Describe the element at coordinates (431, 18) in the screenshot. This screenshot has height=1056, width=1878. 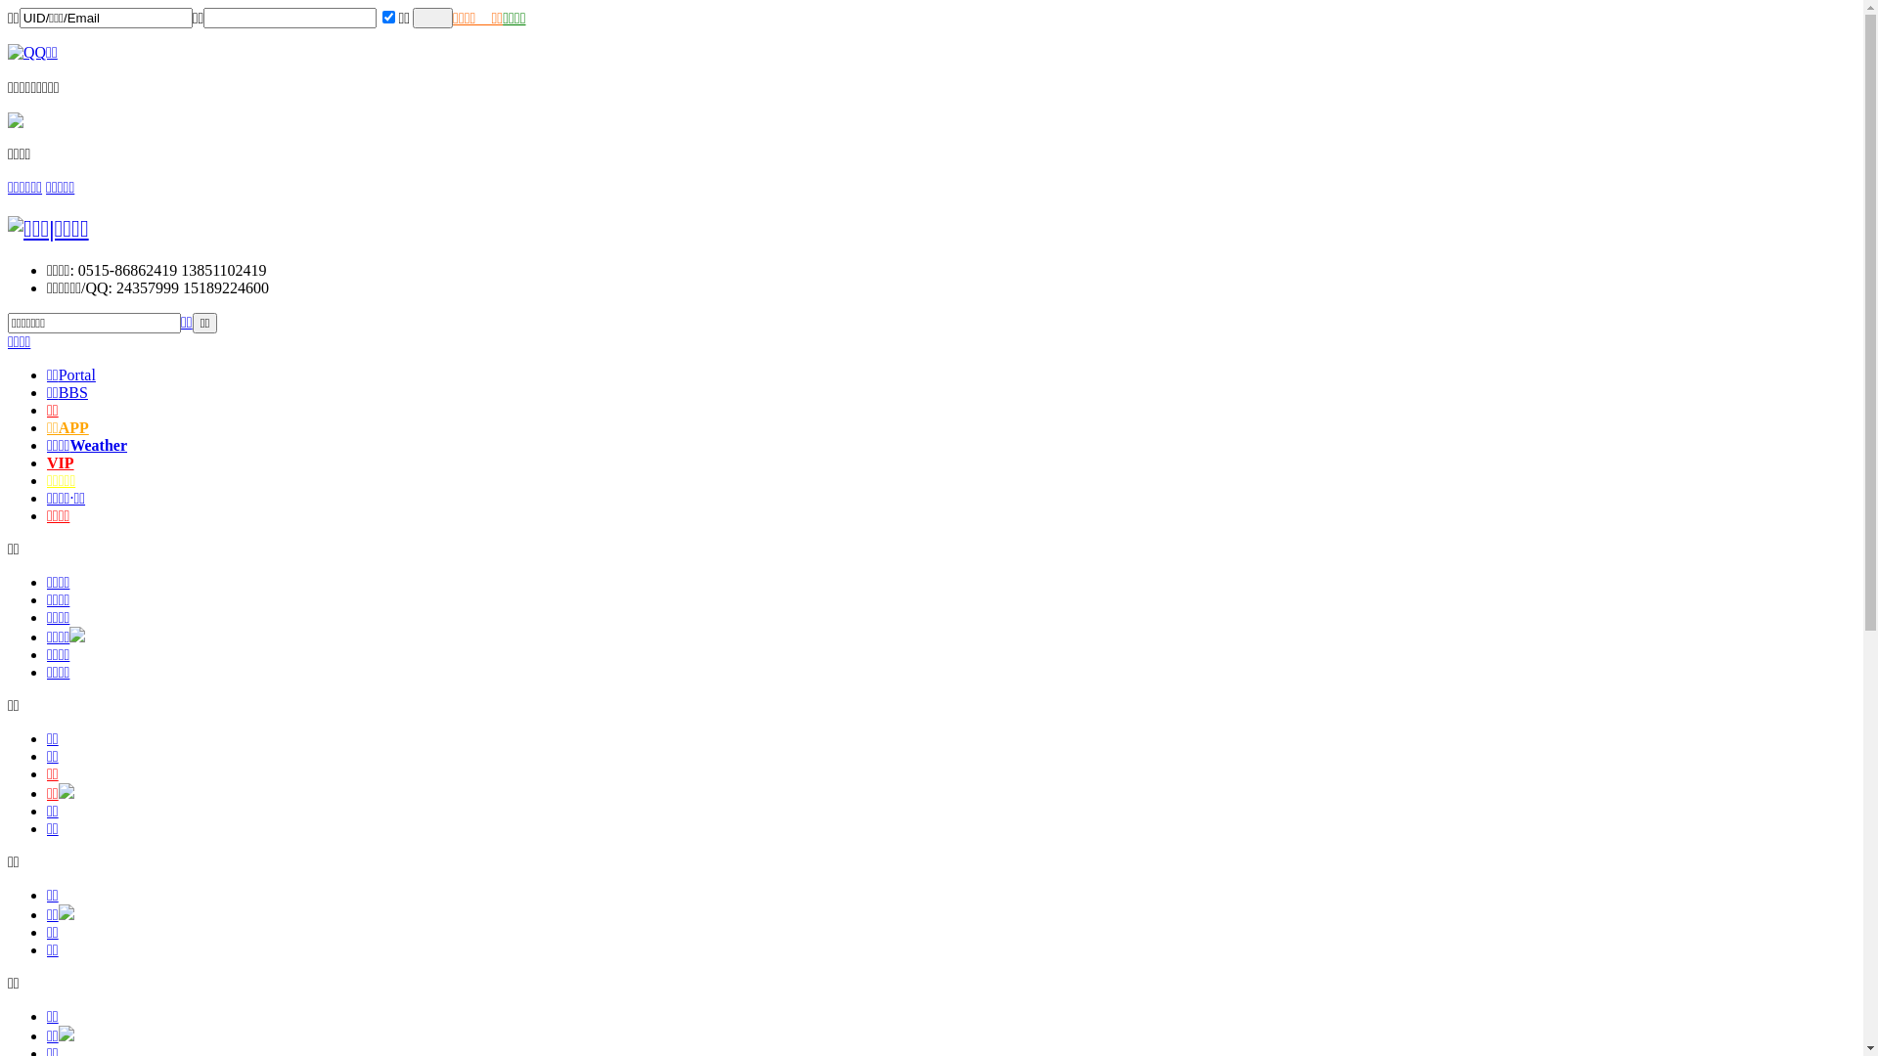
I see `'    '` at that location.